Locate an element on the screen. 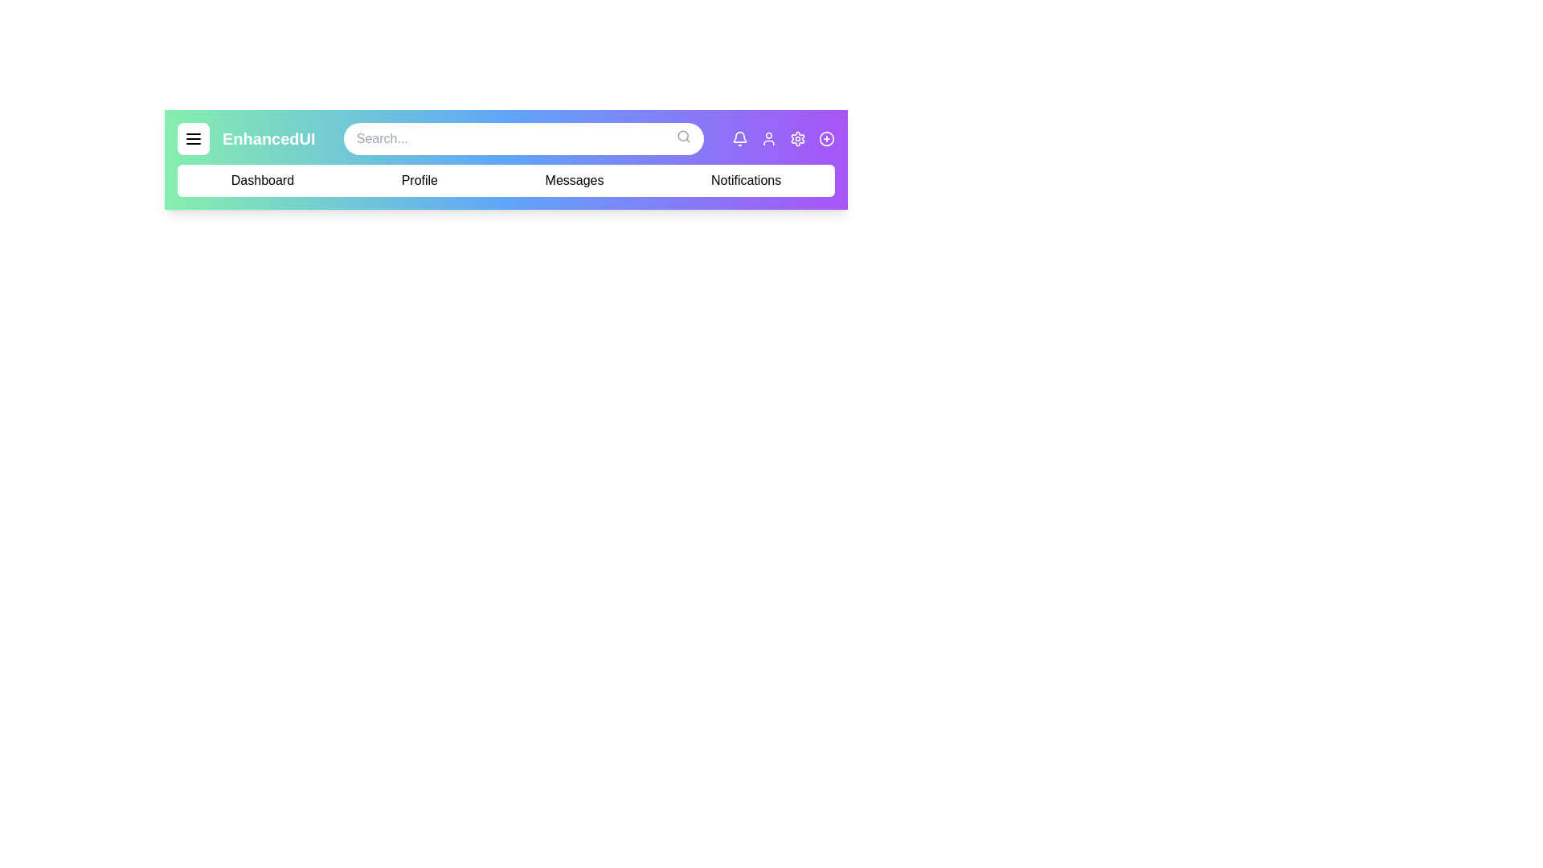 The width and height of the screenshot is (1543, 868). the search bar and type the desired term is located at coordinates (523, 138).